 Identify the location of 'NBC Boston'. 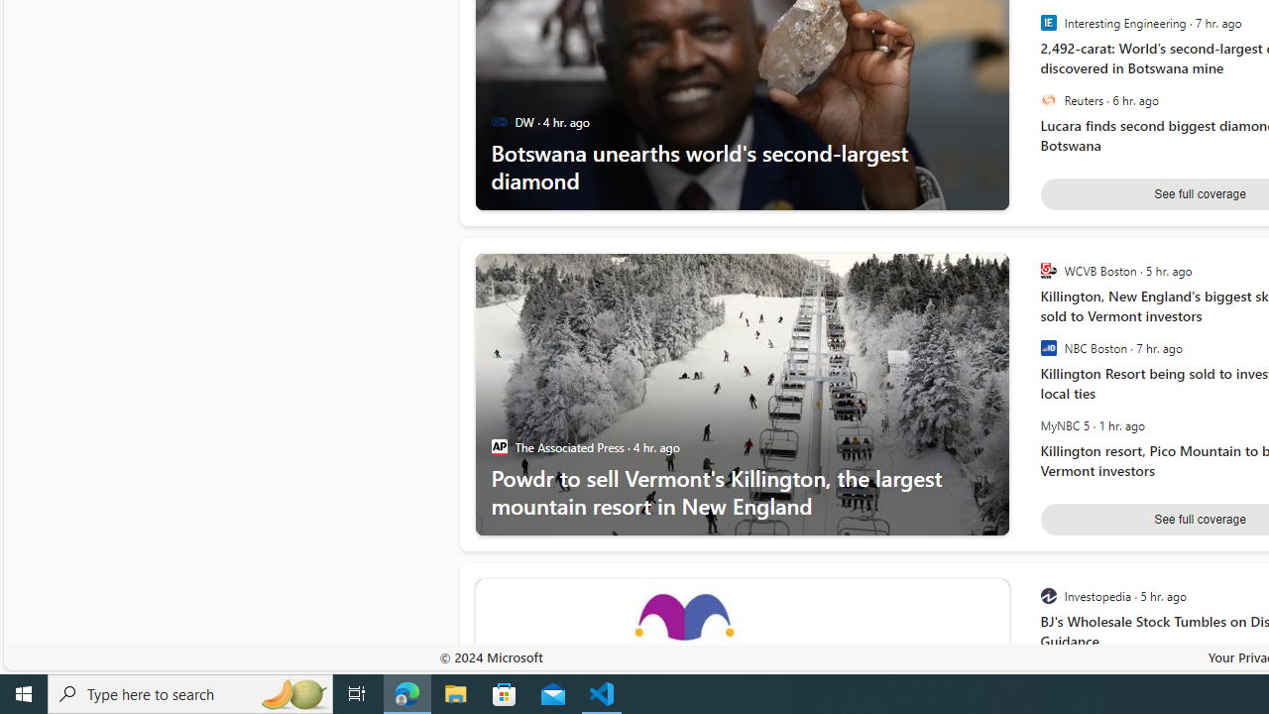
(1047, 347).